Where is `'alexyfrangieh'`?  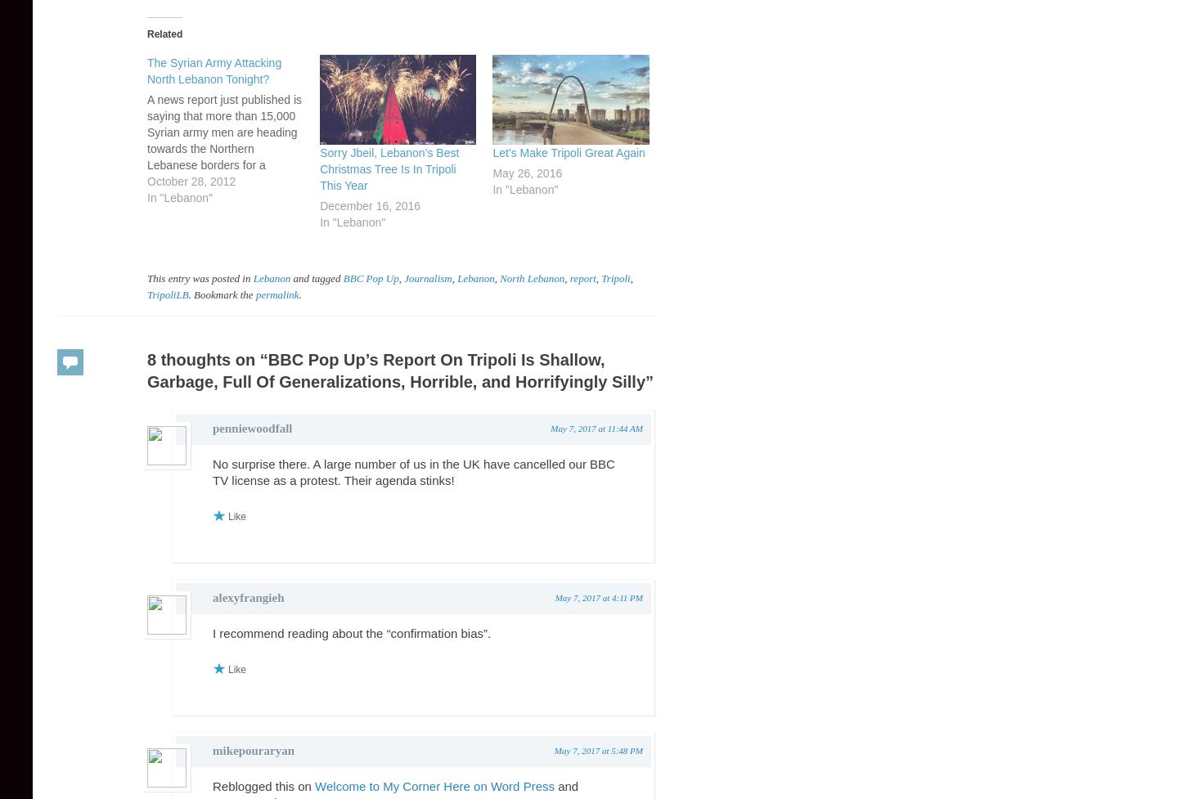 'alexyfrangieh' is located at coordinates (248, 597).